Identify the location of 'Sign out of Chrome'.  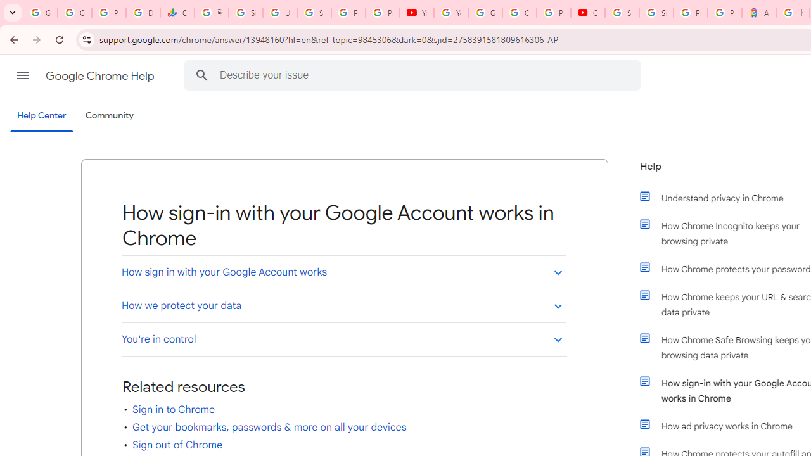
(176, 444).